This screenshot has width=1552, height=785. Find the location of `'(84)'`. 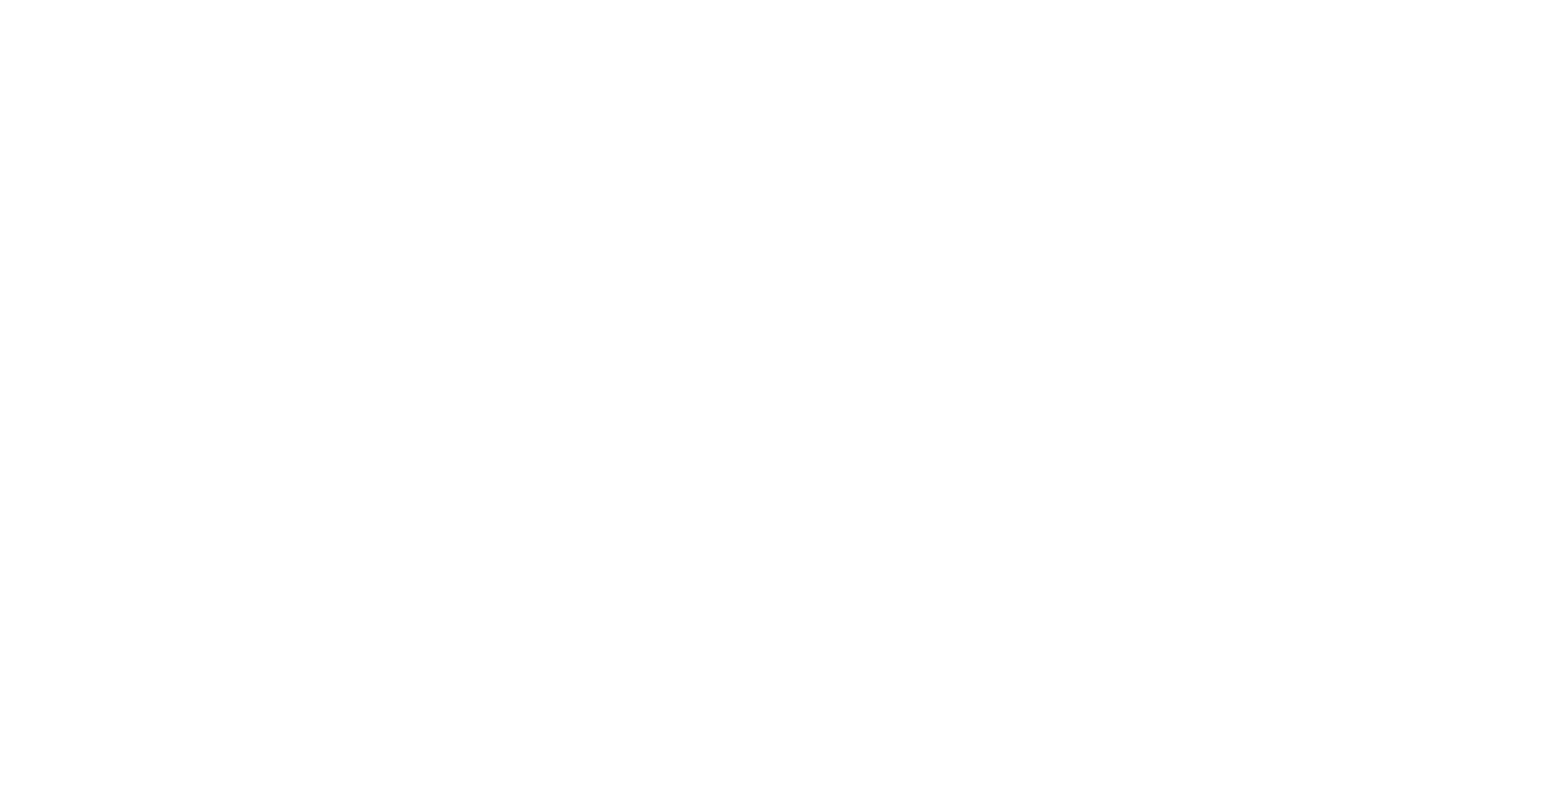

'(84)' is located at coordinates (1087, 34).